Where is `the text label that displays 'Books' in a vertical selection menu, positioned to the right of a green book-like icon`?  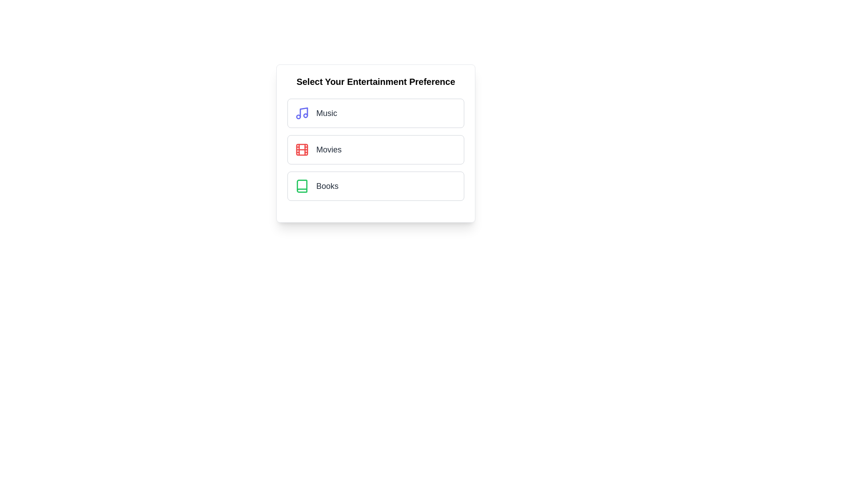 the text label that displays 'Books' in a vertical selection menu, positioned to the right of a green book-like icon is located at coordinates (327, 186).